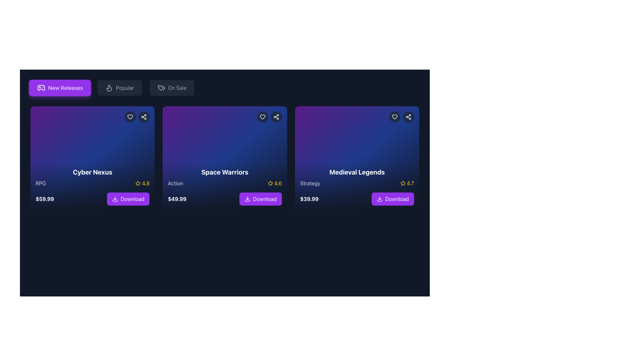 The height and width of the screenshot is (353, 628). Describe the element at coordinates (407, 183) in the screenshot. I see `the Rating Display element, which consists of a yellow star icon followed by the text '4.7', located in the 'Medieval Legends' card near the title 'Strategy'` at that location.